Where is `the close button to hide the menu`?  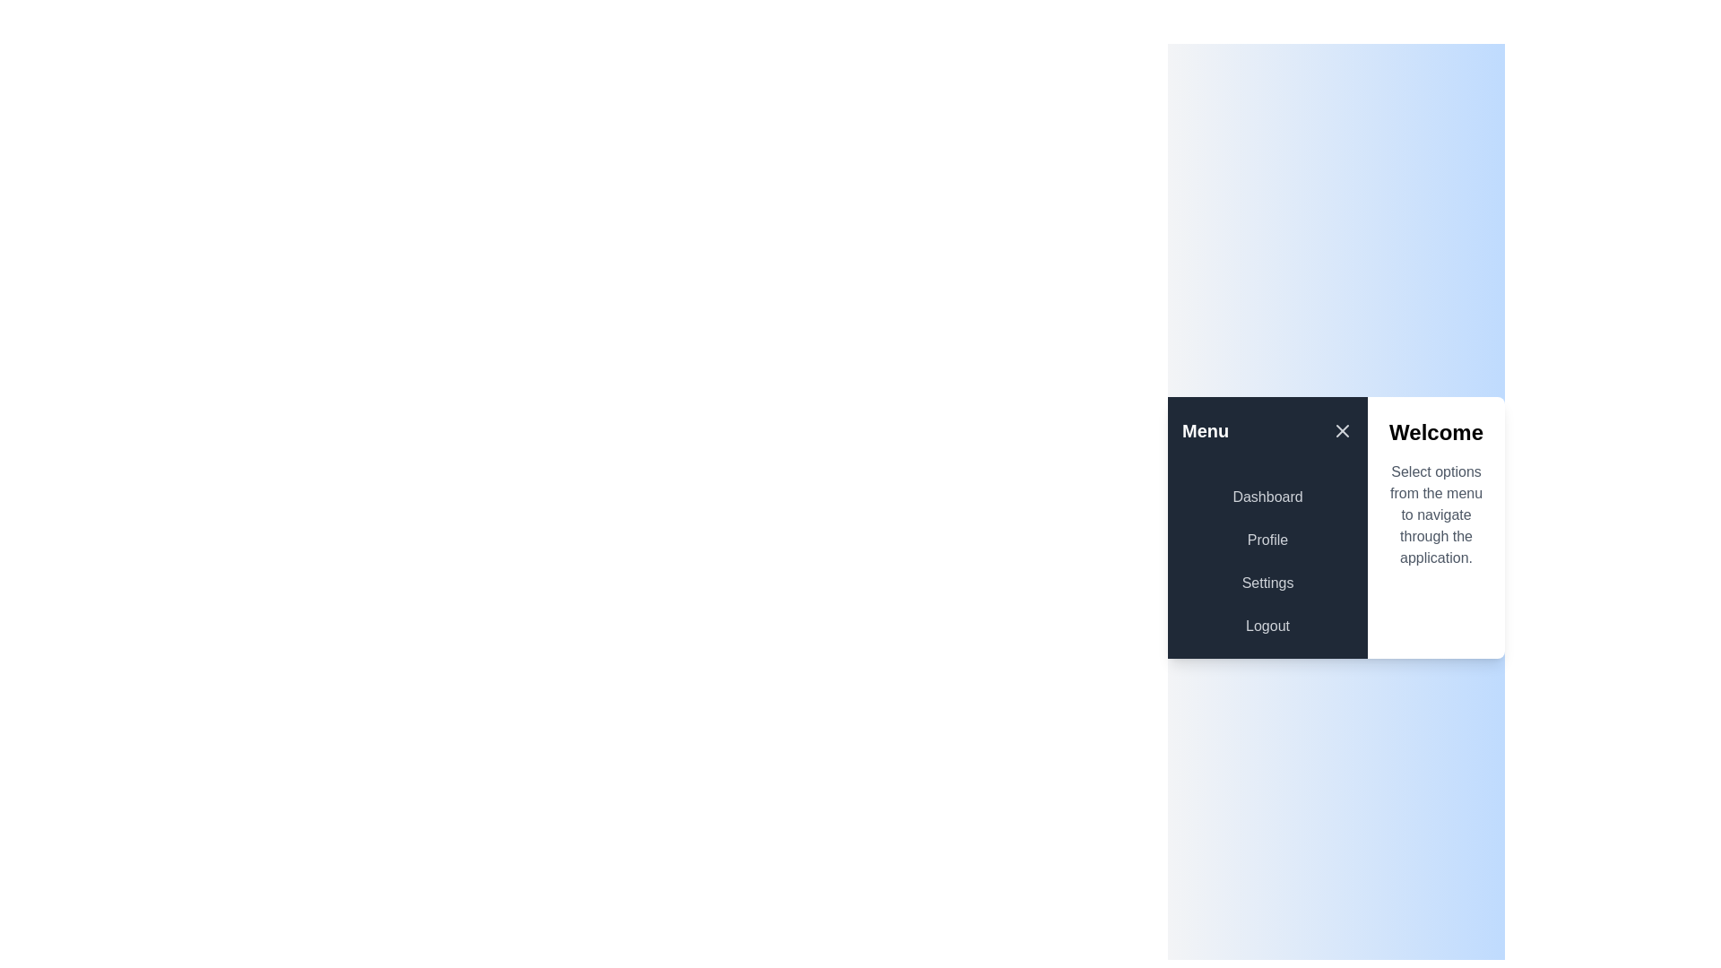
the close button to hide the menu is located at coordinates (1342, 431).